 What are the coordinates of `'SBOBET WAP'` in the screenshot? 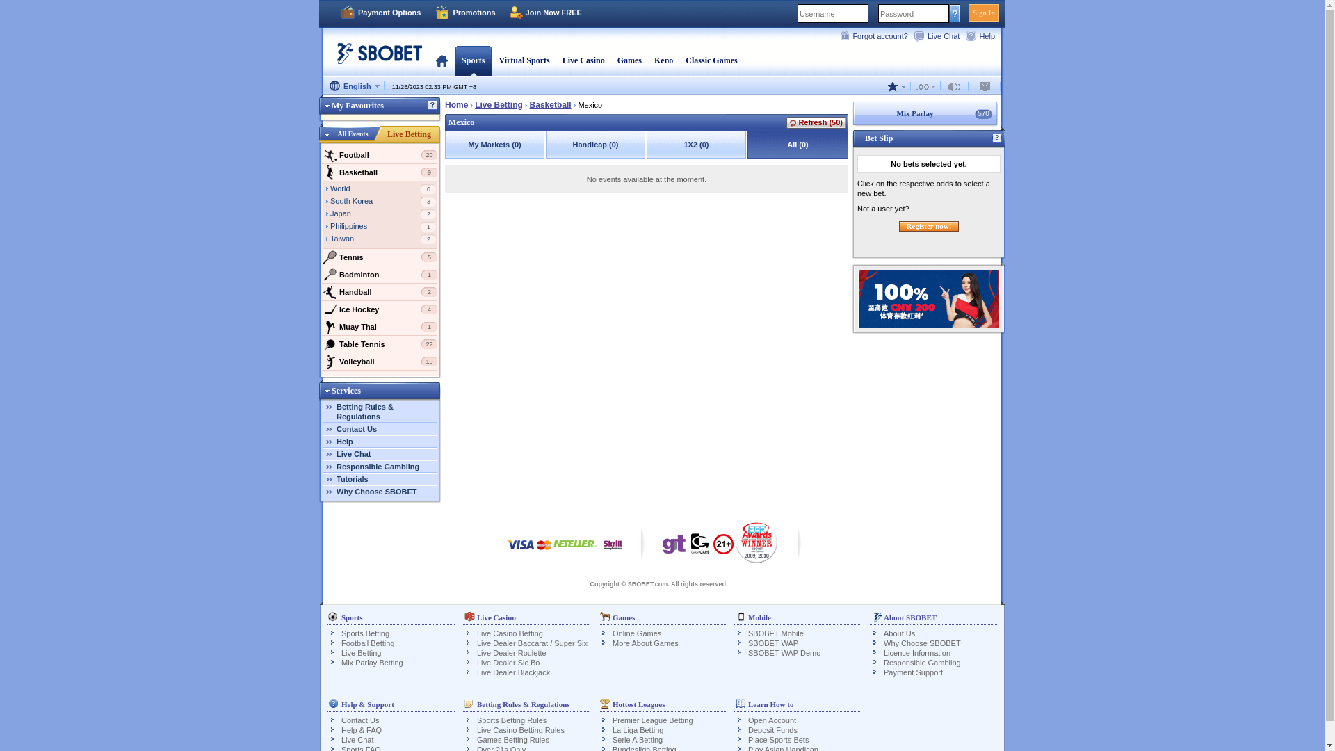 It's located at (772, 643).